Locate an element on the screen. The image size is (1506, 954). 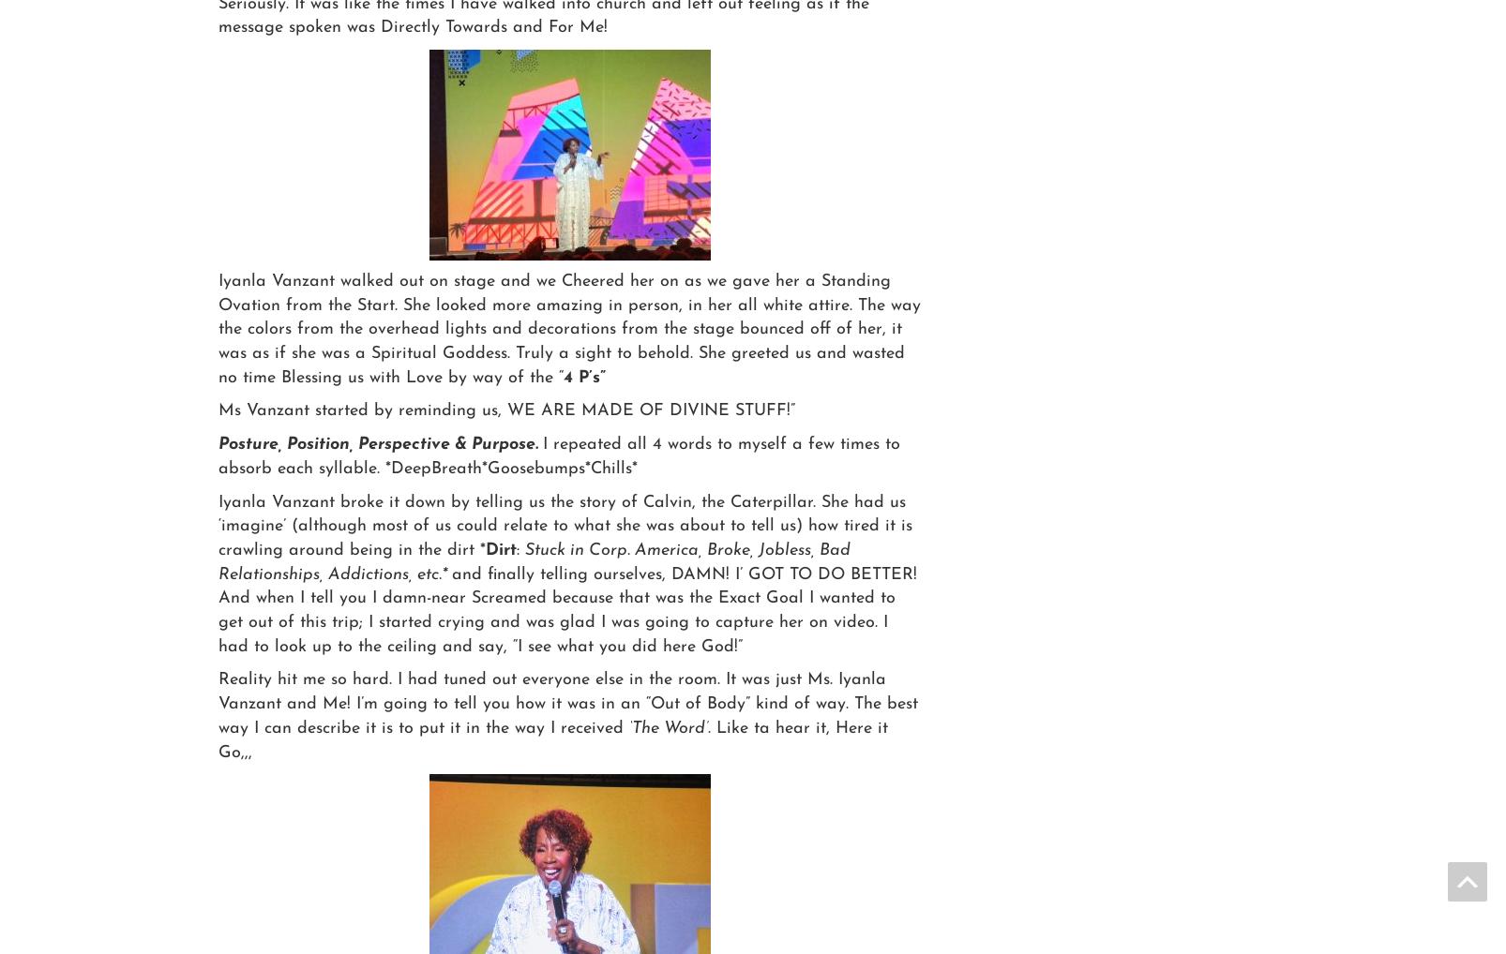
'Iyanla Vanzant broke it down by telling us the story of Calvin, the Caterpillar. She had us ‘imagine’ (although most of us could relate to what she was about to tell us) how tired it is crawling around being in the dirt *' is located at coordinates (565, 526).